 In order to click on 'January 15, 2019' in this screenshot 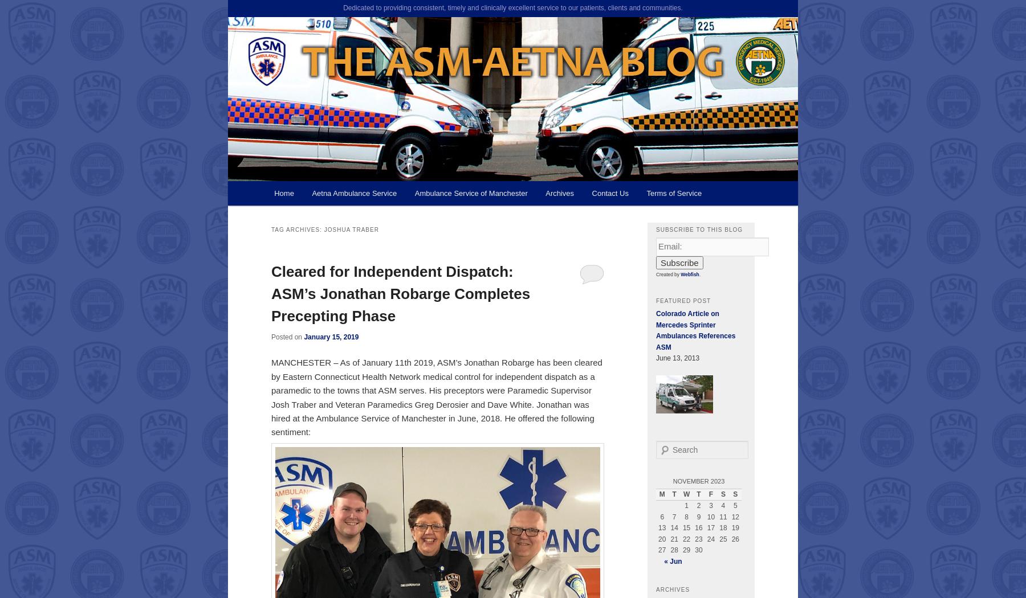, I will do `click(331, 336)`.